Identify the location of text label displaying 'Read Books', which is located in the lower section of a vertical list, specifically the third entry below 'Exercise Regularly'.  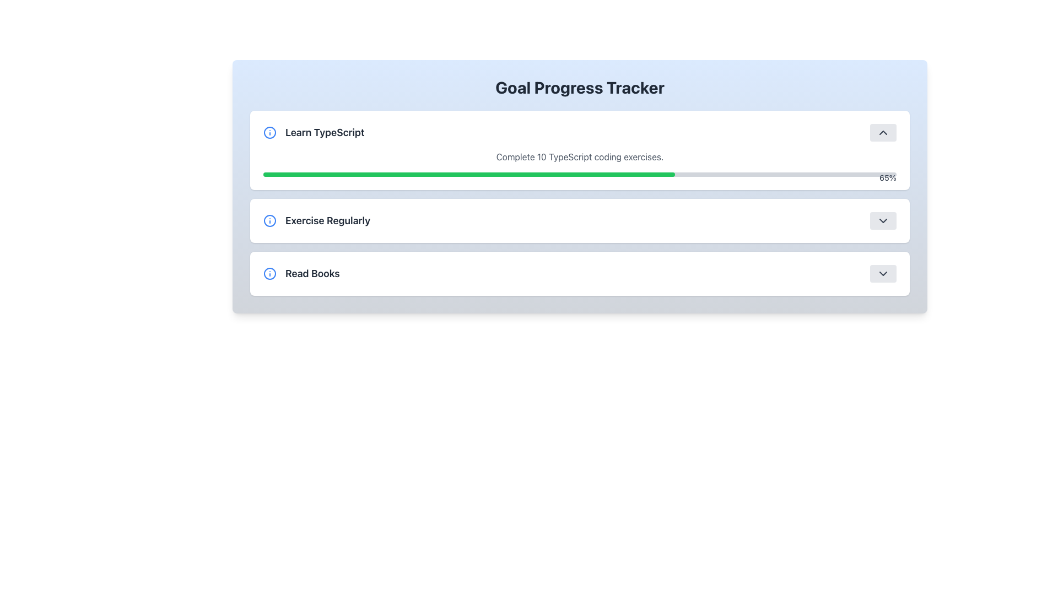
(311, 273).